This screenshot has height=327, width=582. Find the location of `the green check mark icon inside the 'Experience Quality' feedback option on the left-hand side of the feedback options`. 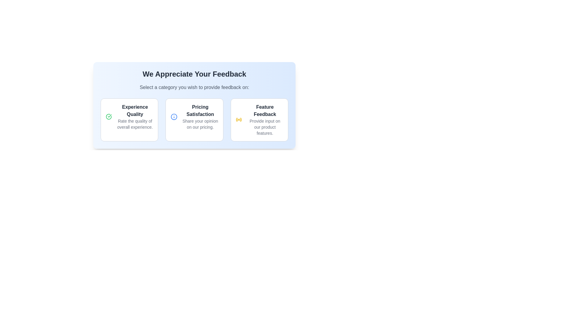

the green check mark icon inside the 'Experience Quality' feedback option on the left-hand side of the feedback options is located at coordinates (110, 116).